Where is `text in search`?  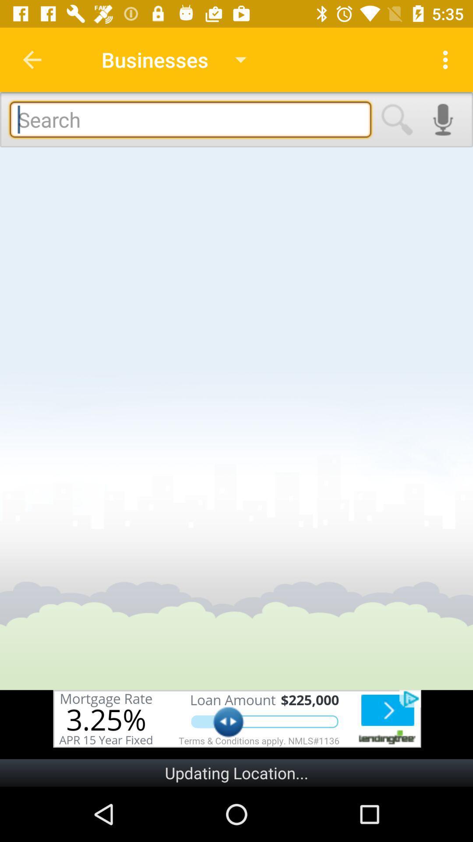
text in search is located at coordinates (190, 119).